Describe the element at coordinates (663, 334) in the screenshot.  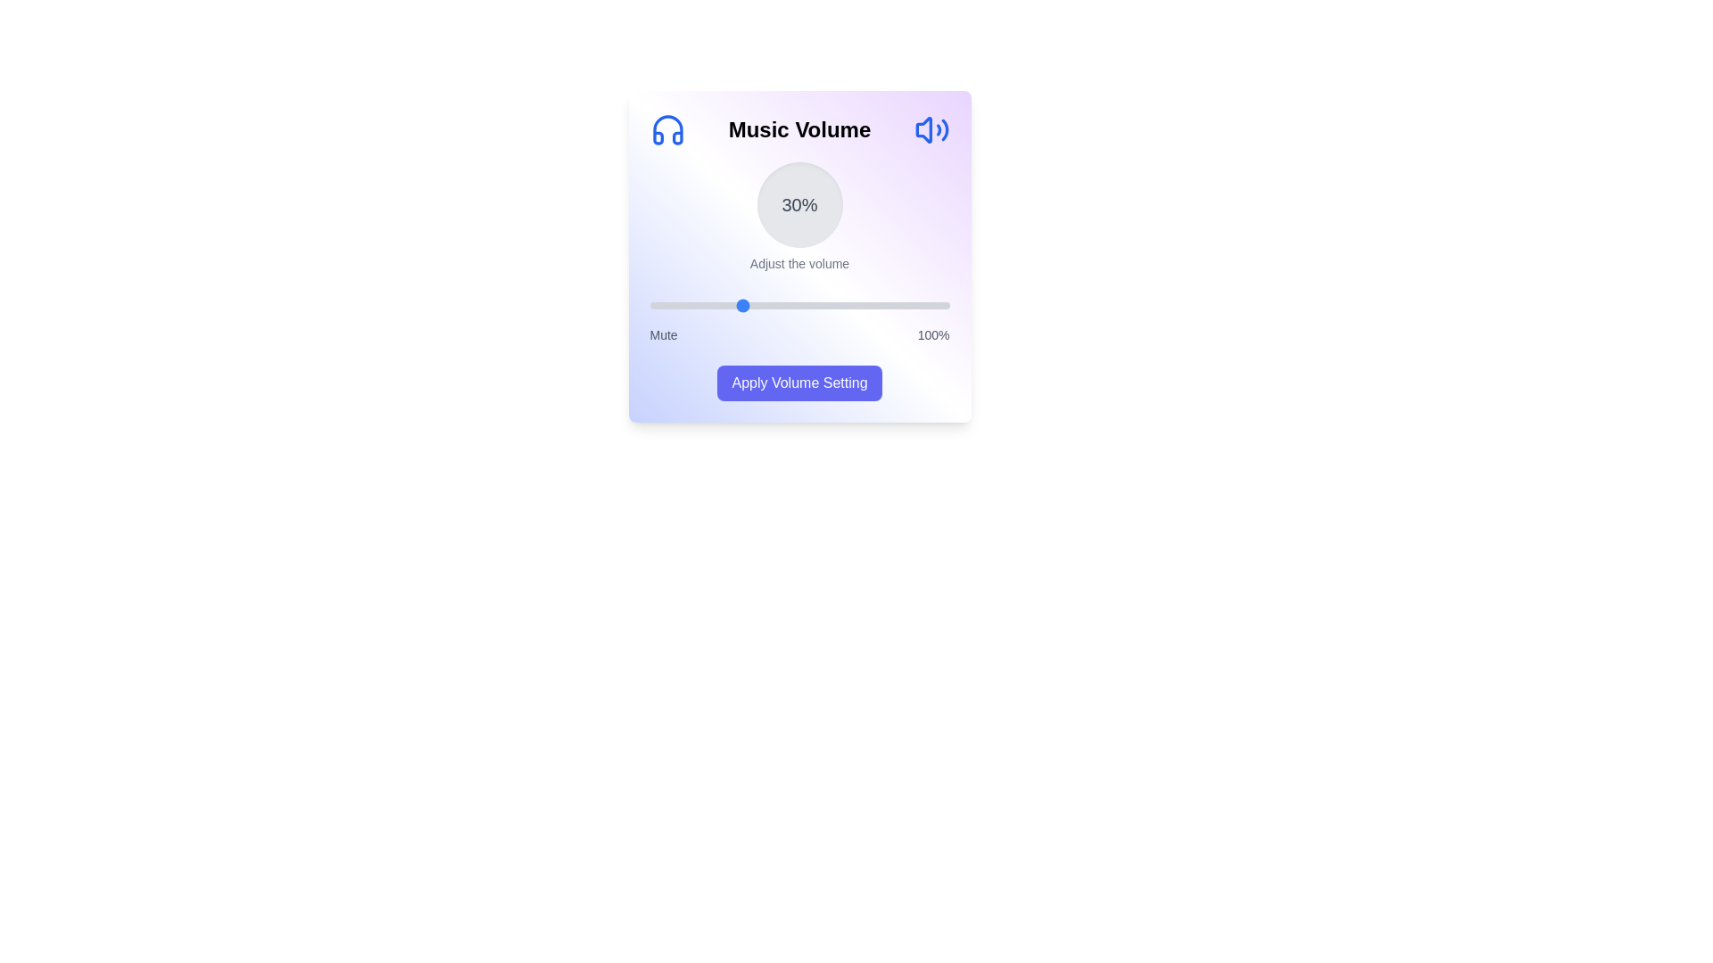
I see `the Mute label to trigger its action` at that location.